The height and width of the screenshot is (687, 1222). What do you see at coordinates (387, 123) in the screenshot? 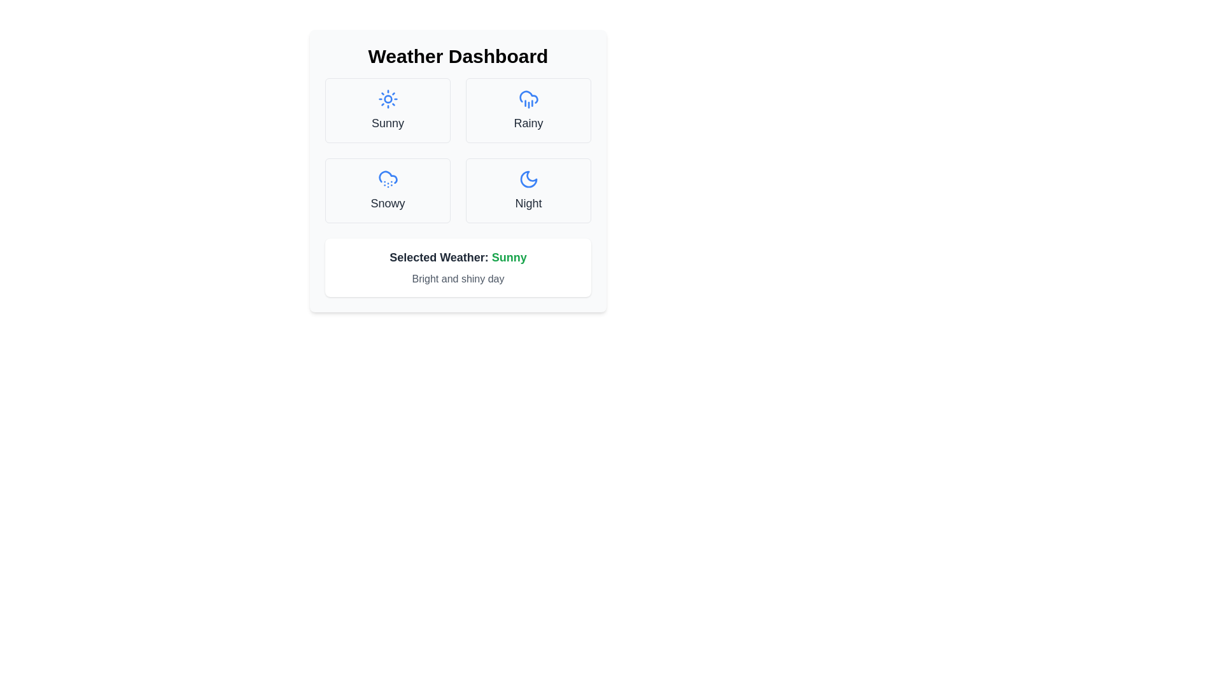
I see `the 'Sunny' label, which is a prominent text label displaying the word 'Sunny' in gray font, located below the sun icon in the top-left quadrant of the Weather Dashboard interface` at bounding box center [387, 123].